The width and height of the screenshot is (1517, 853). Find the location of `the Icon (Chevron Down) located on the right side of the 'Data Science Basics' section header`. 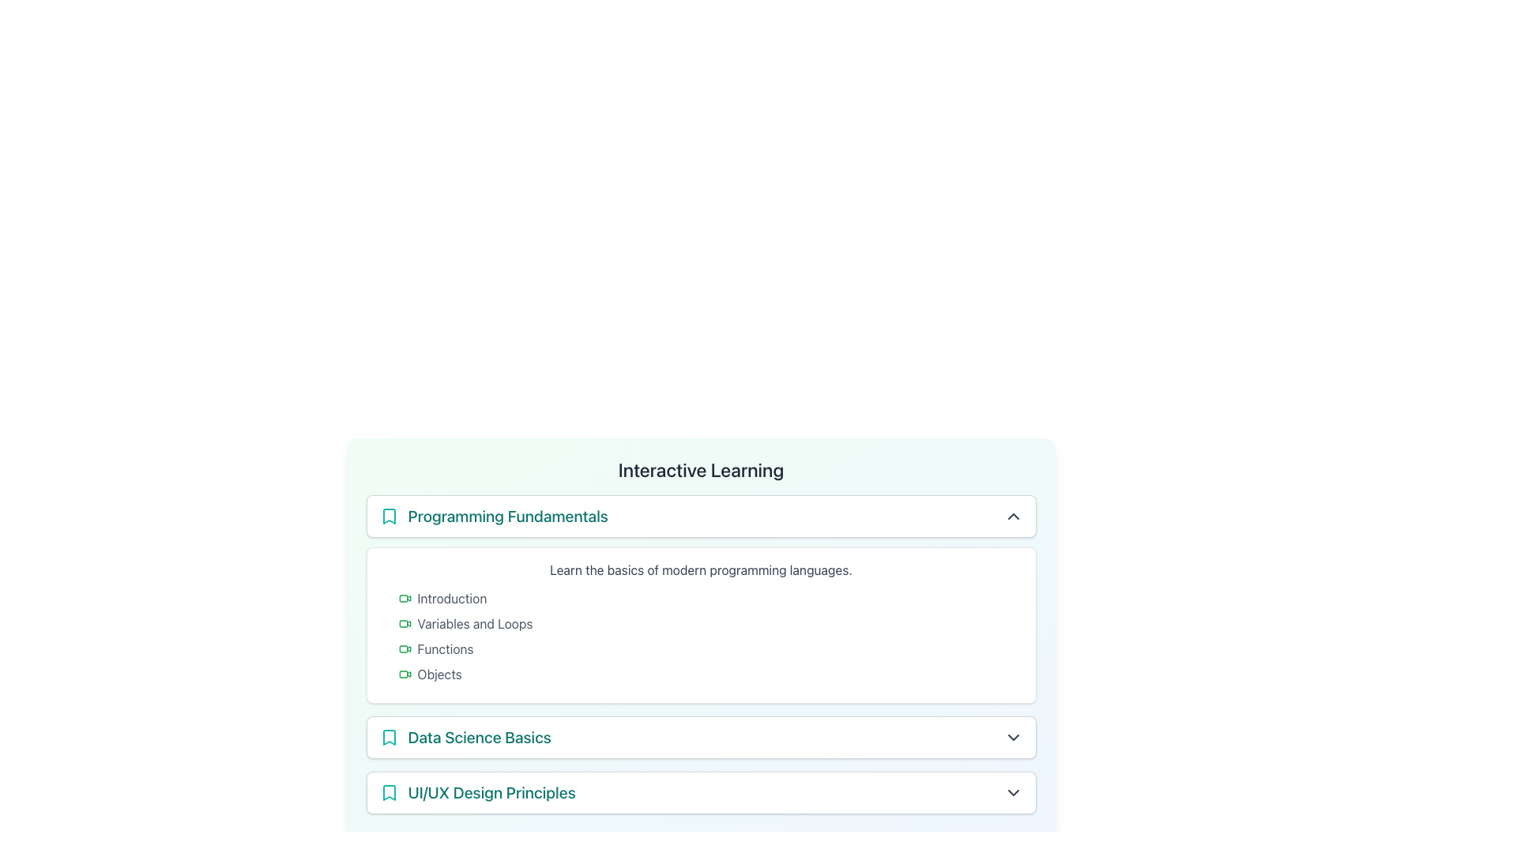

the Icon (Chevron Down) located on the right side of the 'Data Science Basics' section header is located at coordinates (1013, 737).